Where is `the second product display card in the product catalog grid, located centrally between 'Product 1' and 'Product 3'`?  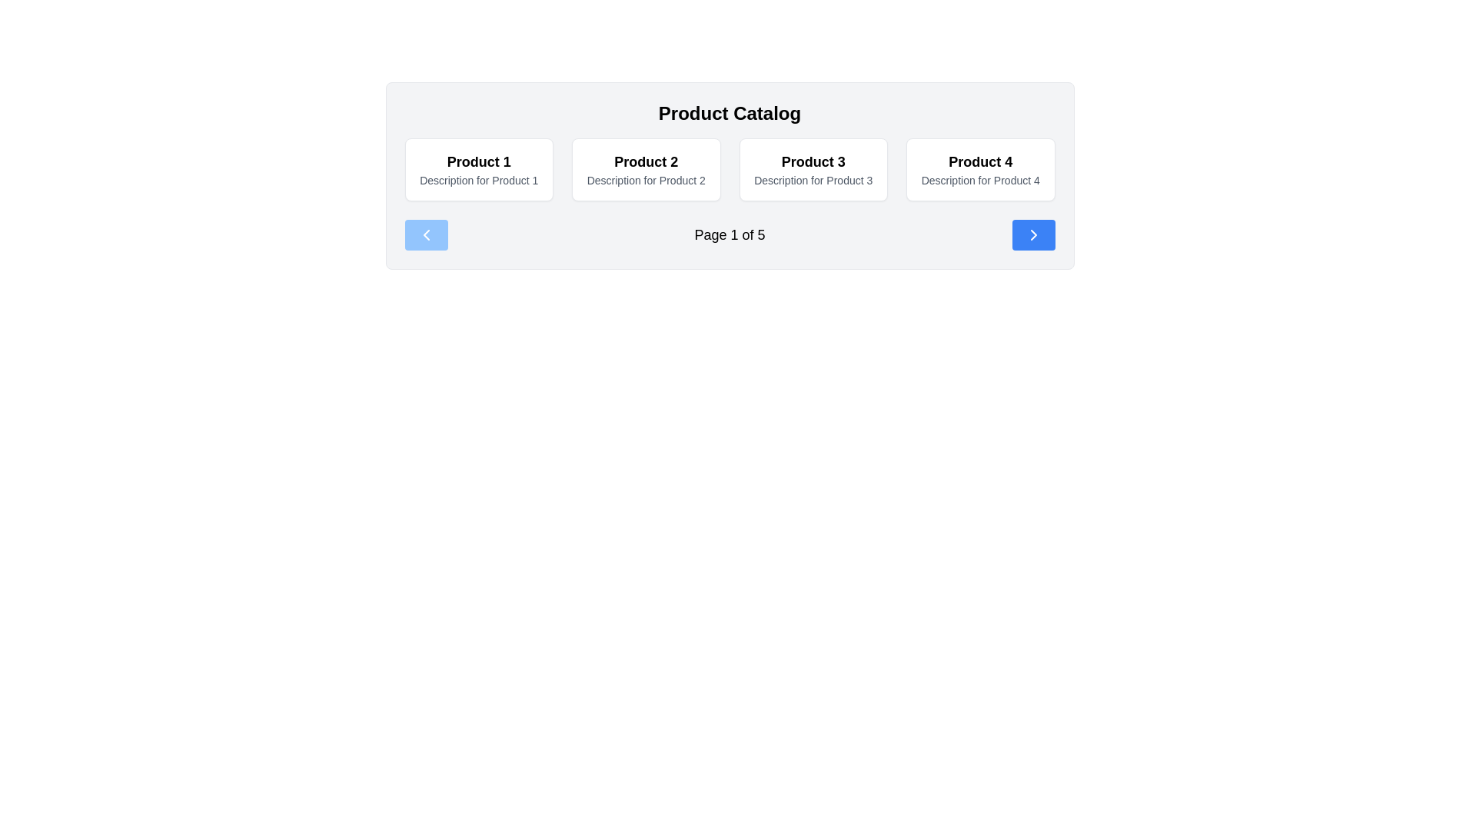 the second product display card in the product catalog grid, located centrally between 'Product 1' and 'Product 3' is located at coordinates (646, 169).